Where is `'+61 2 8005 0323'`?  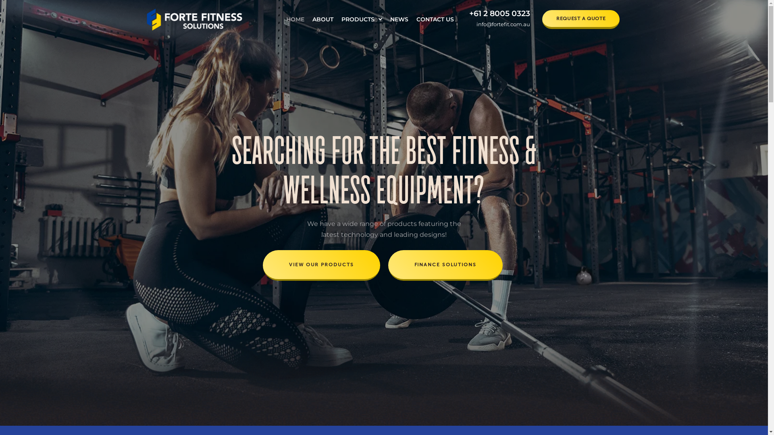 '+61 2 8005 0323' is located at coordinates (499, 13).